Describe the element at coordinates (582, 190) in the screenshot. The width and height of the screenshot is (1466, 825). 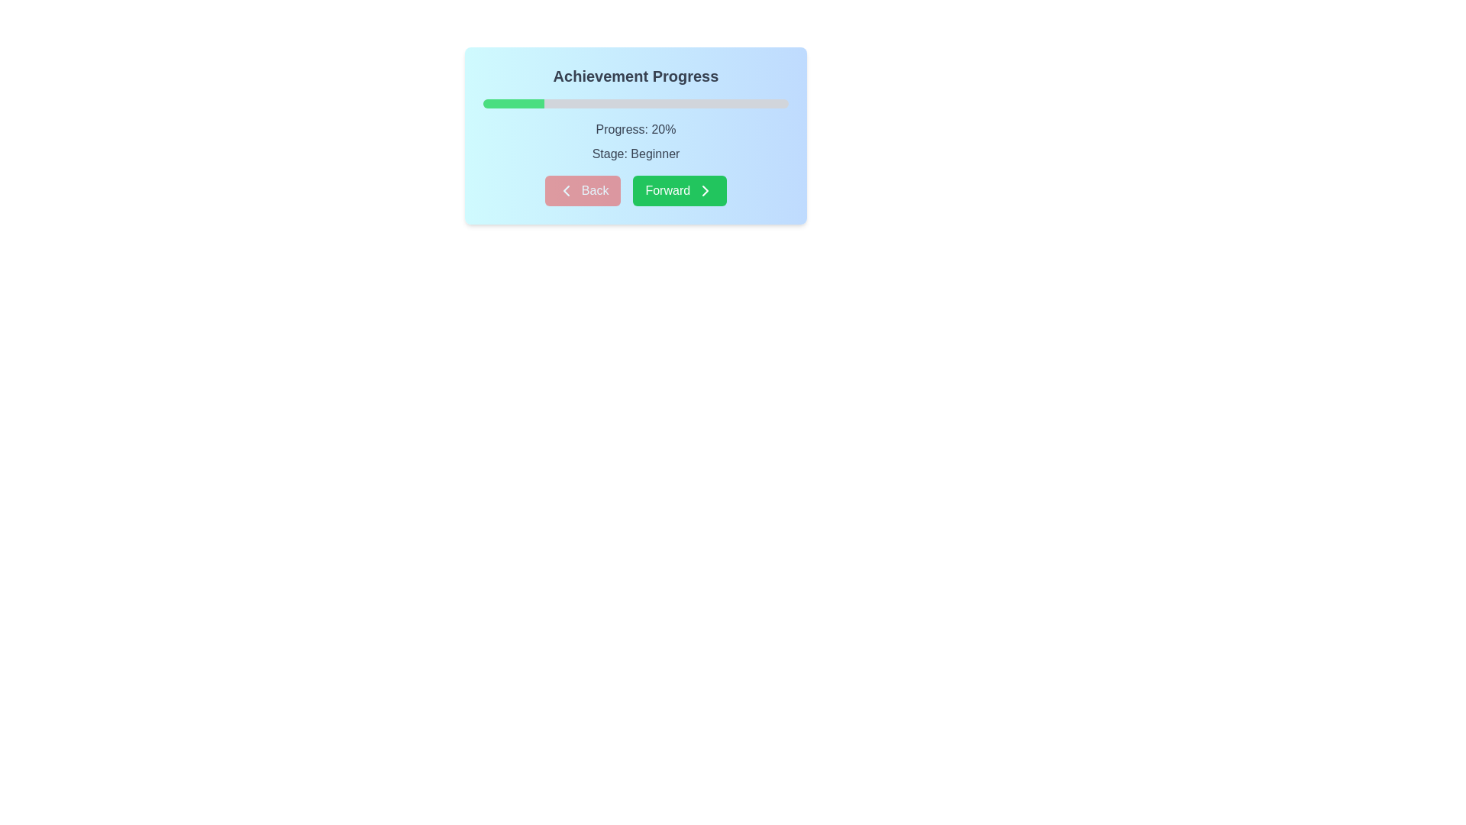
I see `the 'Back' button in the 'Achievement Progress' section for accessibility interaction` at that location.